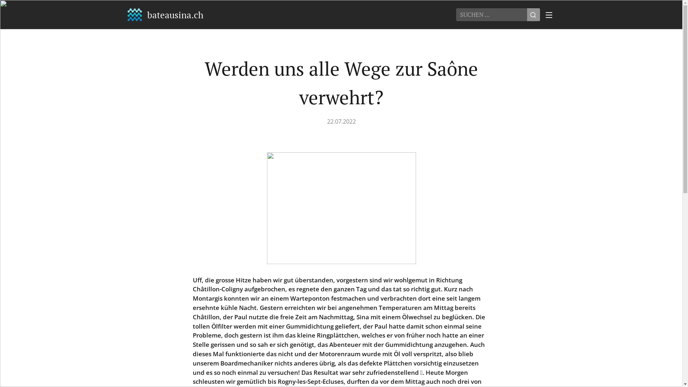  I want to click on 'bateausina.ch', so click(126, 15).